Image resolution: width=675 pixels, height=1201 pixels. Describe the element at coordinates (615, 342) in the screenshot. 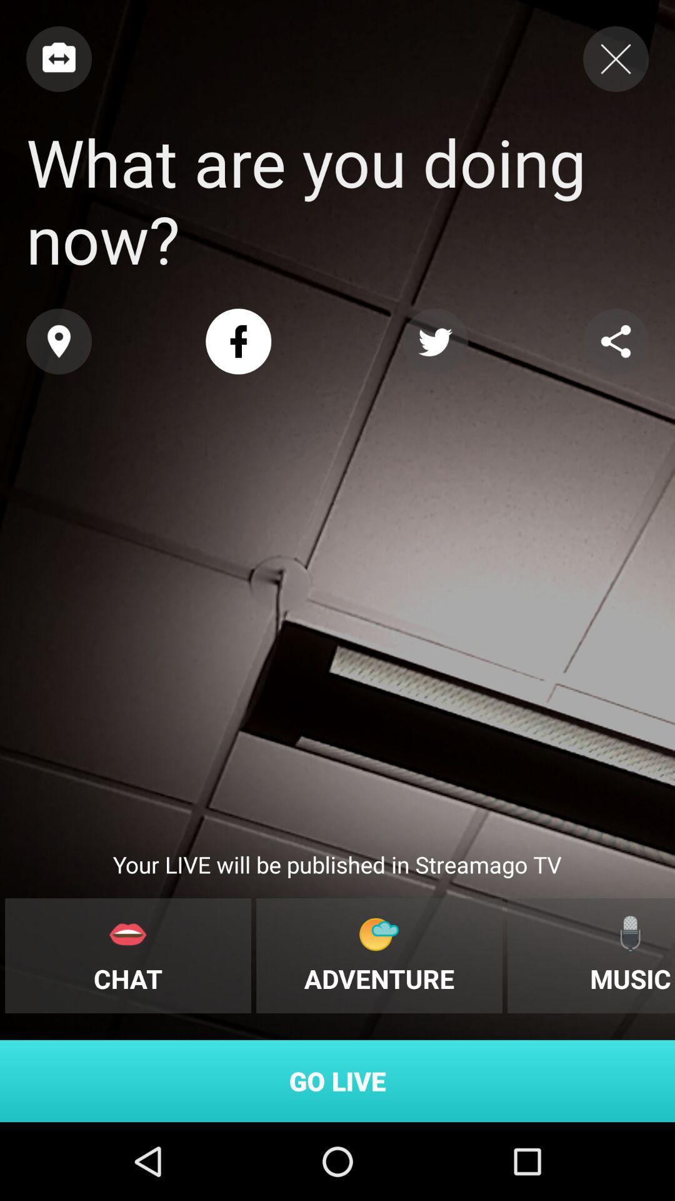

I see `share the link` at that location.